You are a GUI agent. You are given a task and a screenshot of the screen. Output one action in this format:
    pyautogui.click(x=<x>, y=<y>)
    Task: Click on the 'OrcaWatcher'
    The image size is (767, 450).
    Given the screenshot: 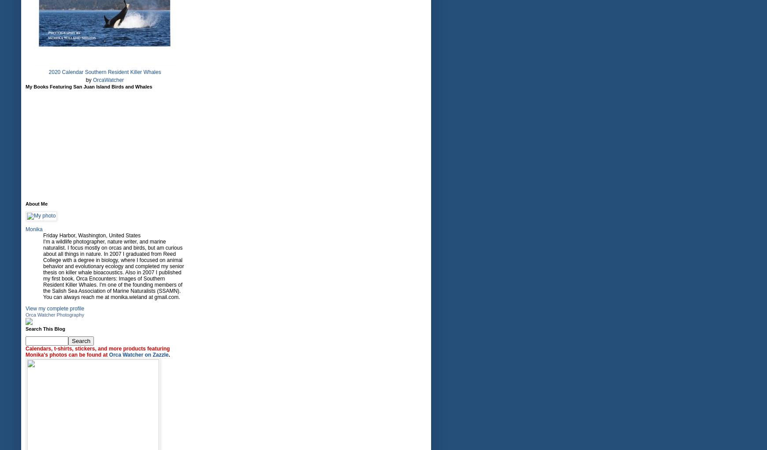 What is the action you would take?
    pyautogui.click(x=108, y=80)
    